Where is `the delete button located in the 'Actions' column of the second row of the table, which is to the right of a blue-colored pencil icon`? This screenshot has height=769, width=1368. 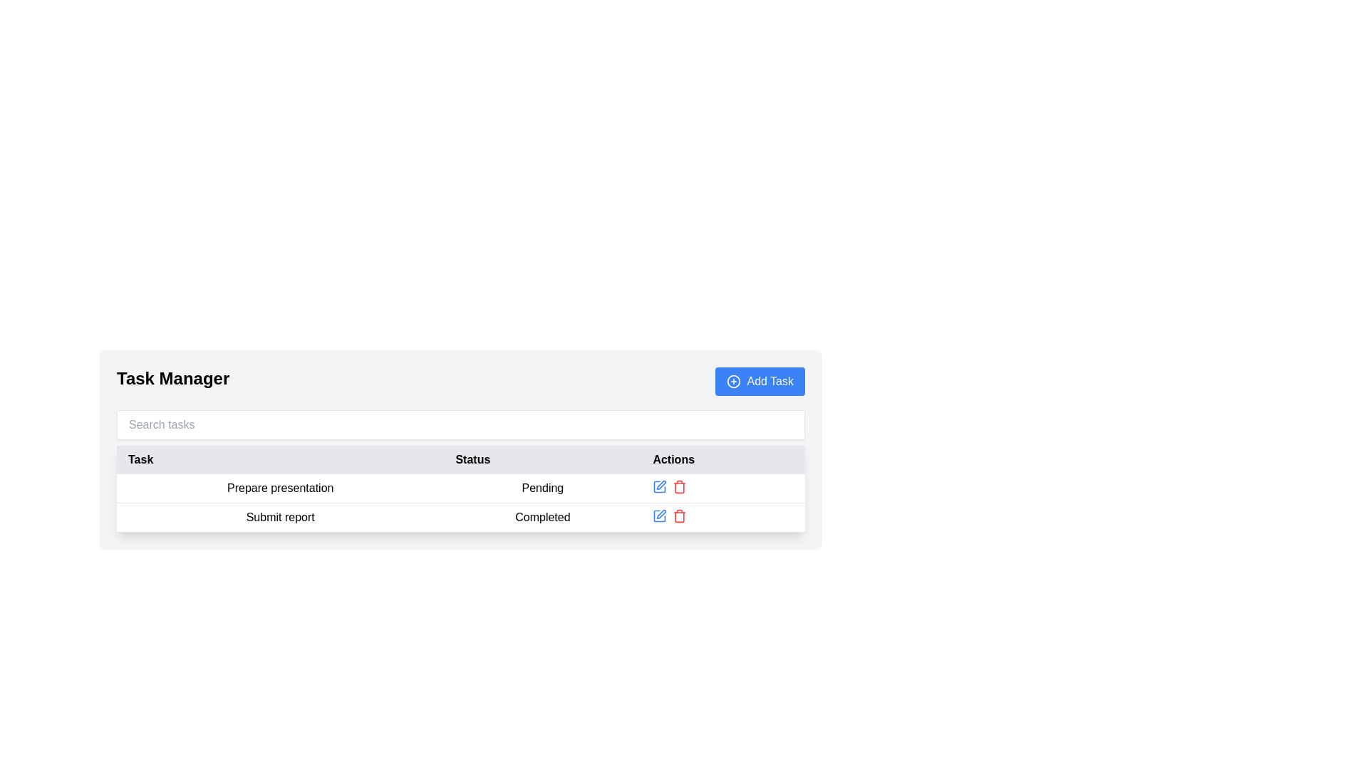 the delete button located in the 'Actions' column of the second row of the table, which is to the right of a blue-colored pencil icon is located at coordinates (679, 516).